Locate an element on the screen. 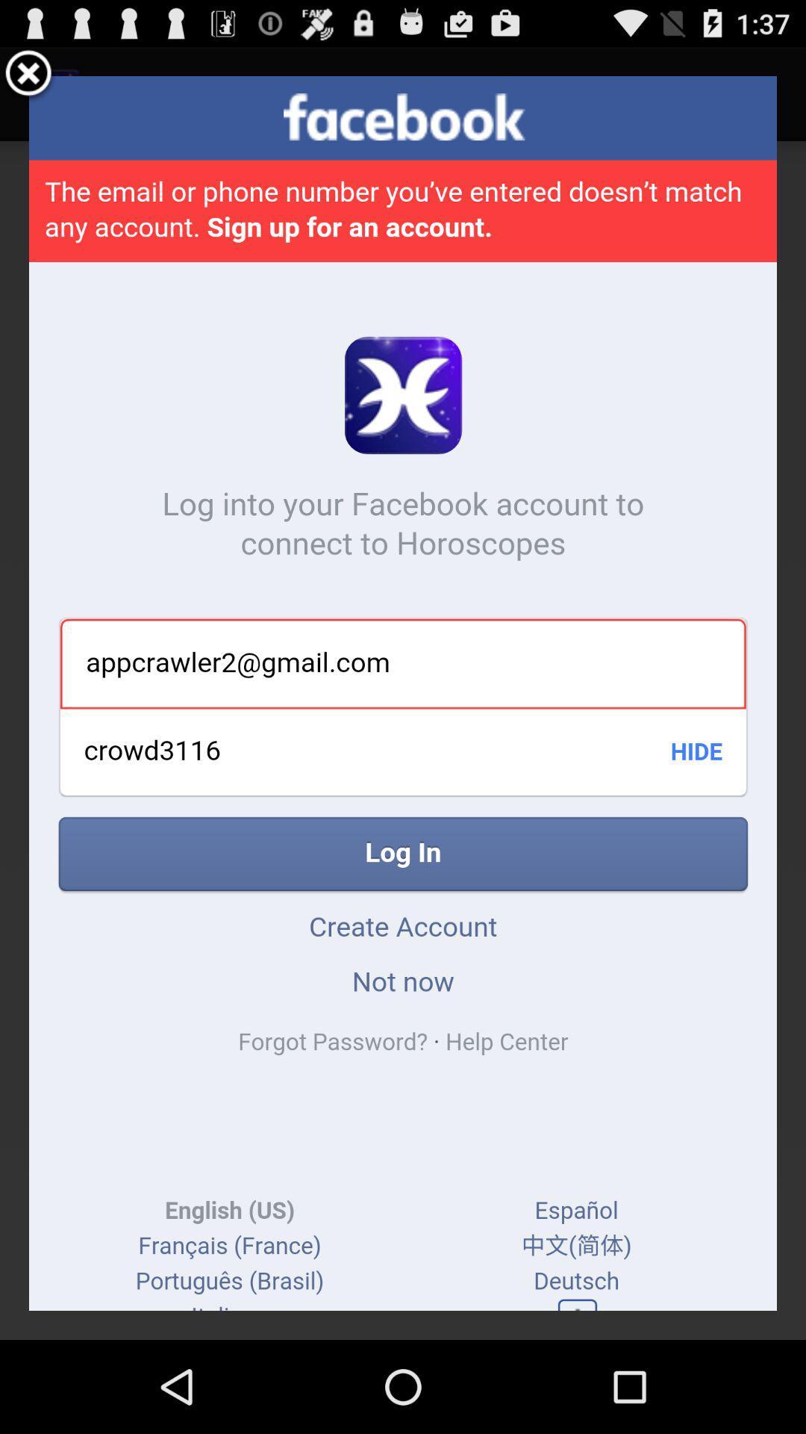 This screenshot has width=806, height=1434. the close icon is located at coordinates (28, 80).